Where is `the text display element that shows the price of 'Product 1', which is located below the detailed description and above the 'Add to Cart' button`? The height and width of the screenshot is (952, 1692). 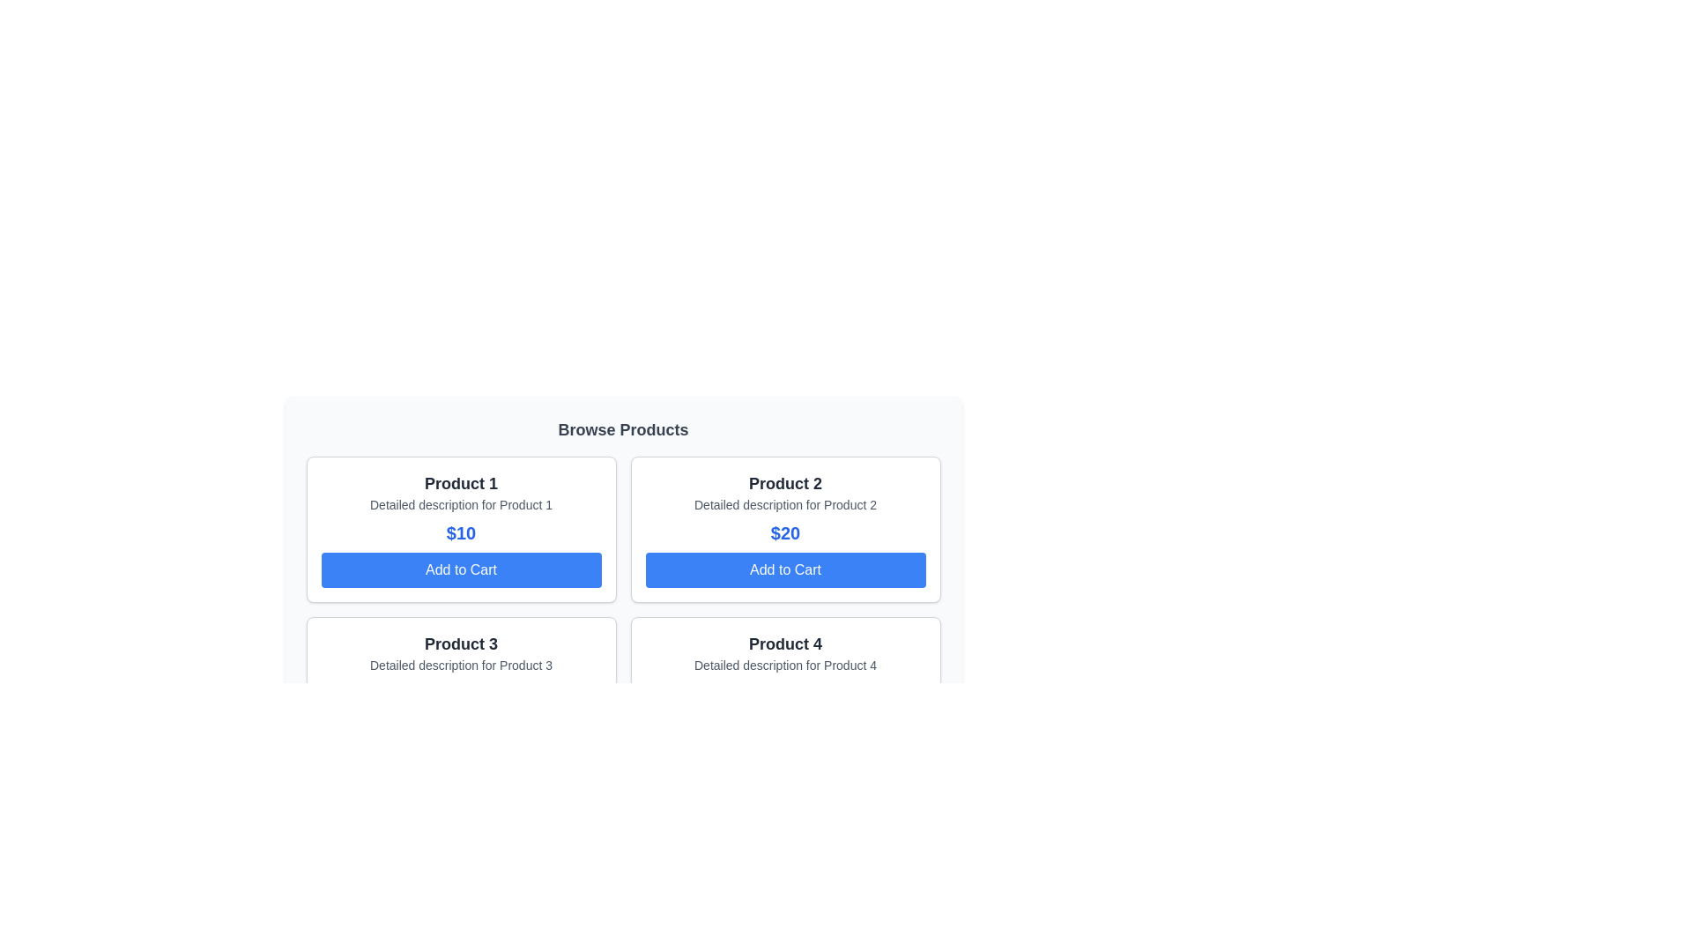 the text display element that shows the price of 'Product 1', which is located below the detailed description and above the 'Add to Cart' button is located at coordinates (461, 532).